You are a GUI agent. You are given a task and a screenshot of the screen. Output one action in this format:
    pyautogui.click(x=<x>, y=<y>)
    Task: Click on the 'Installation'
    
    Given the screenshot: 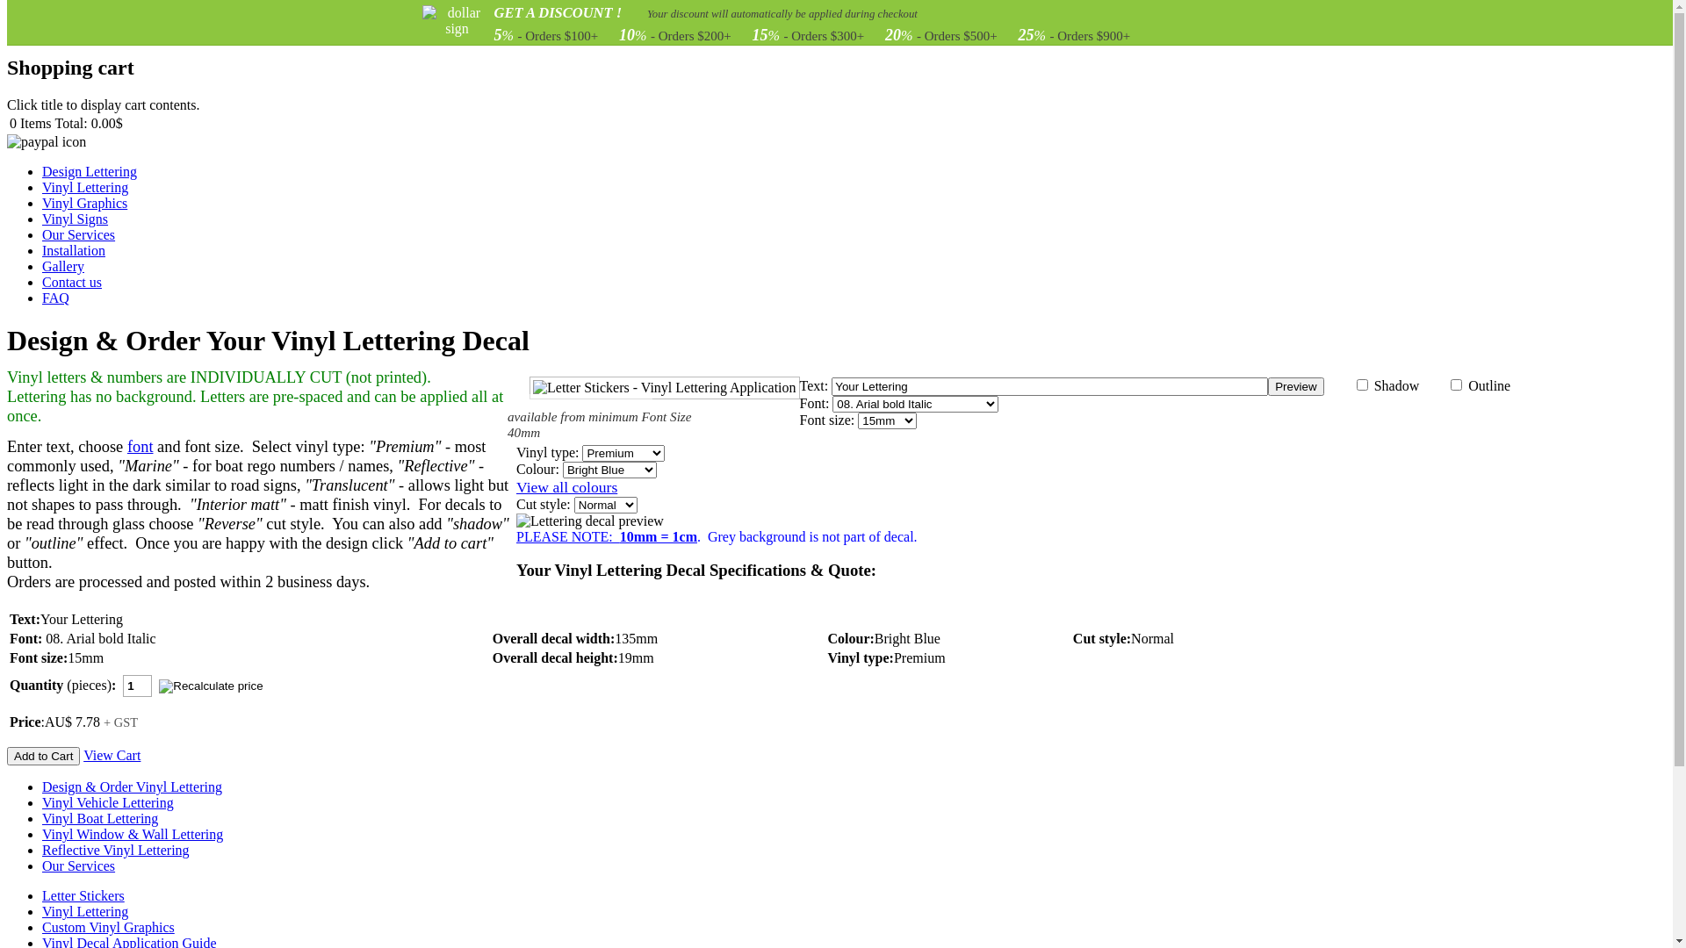 What is the action you would take?
    pyautogui.click(x=42, y=250)
    